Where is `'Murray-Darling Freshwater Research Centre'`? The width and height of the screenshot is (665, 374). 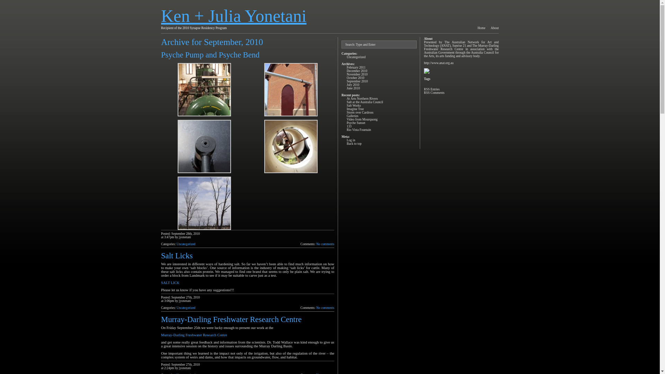
'Murray-Darling Freshwater Research Centre' is located at coordinates (194, 335).